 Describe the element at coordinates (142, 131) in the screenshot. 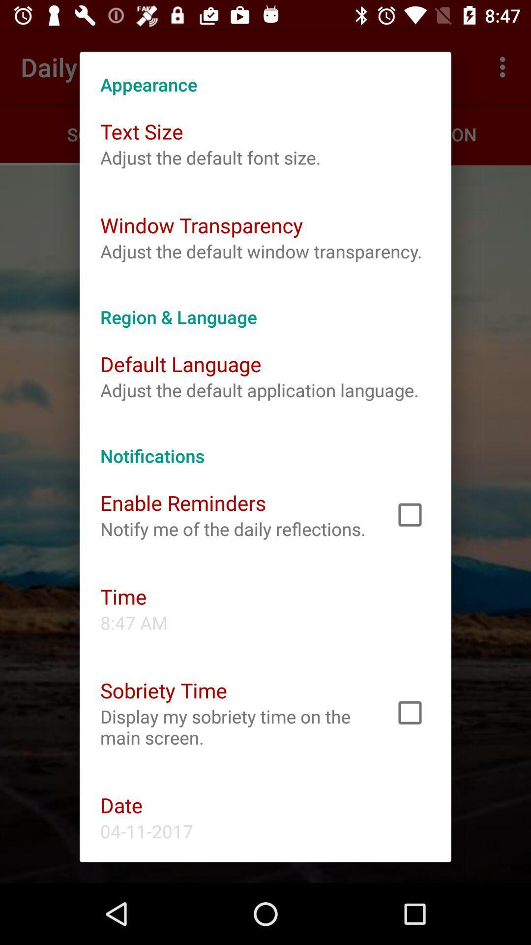

I see `the text size` at that location.